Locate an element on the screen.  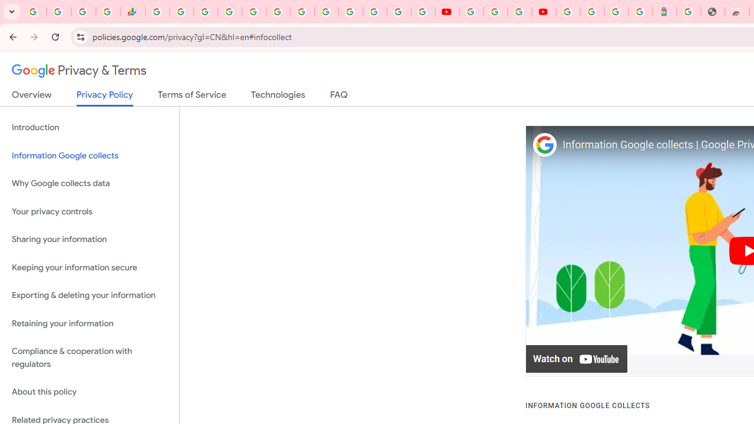
'Watch on YouTube' is located at coordinates (577, 359).